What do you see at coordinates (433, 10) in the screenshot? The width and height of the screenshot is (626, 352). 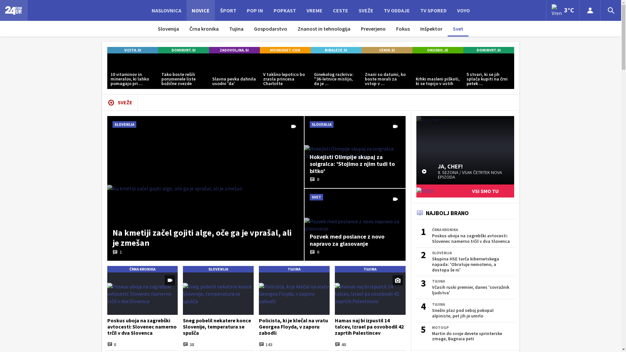 I see `'TV SPORED'` at bounding box center [433, 10].